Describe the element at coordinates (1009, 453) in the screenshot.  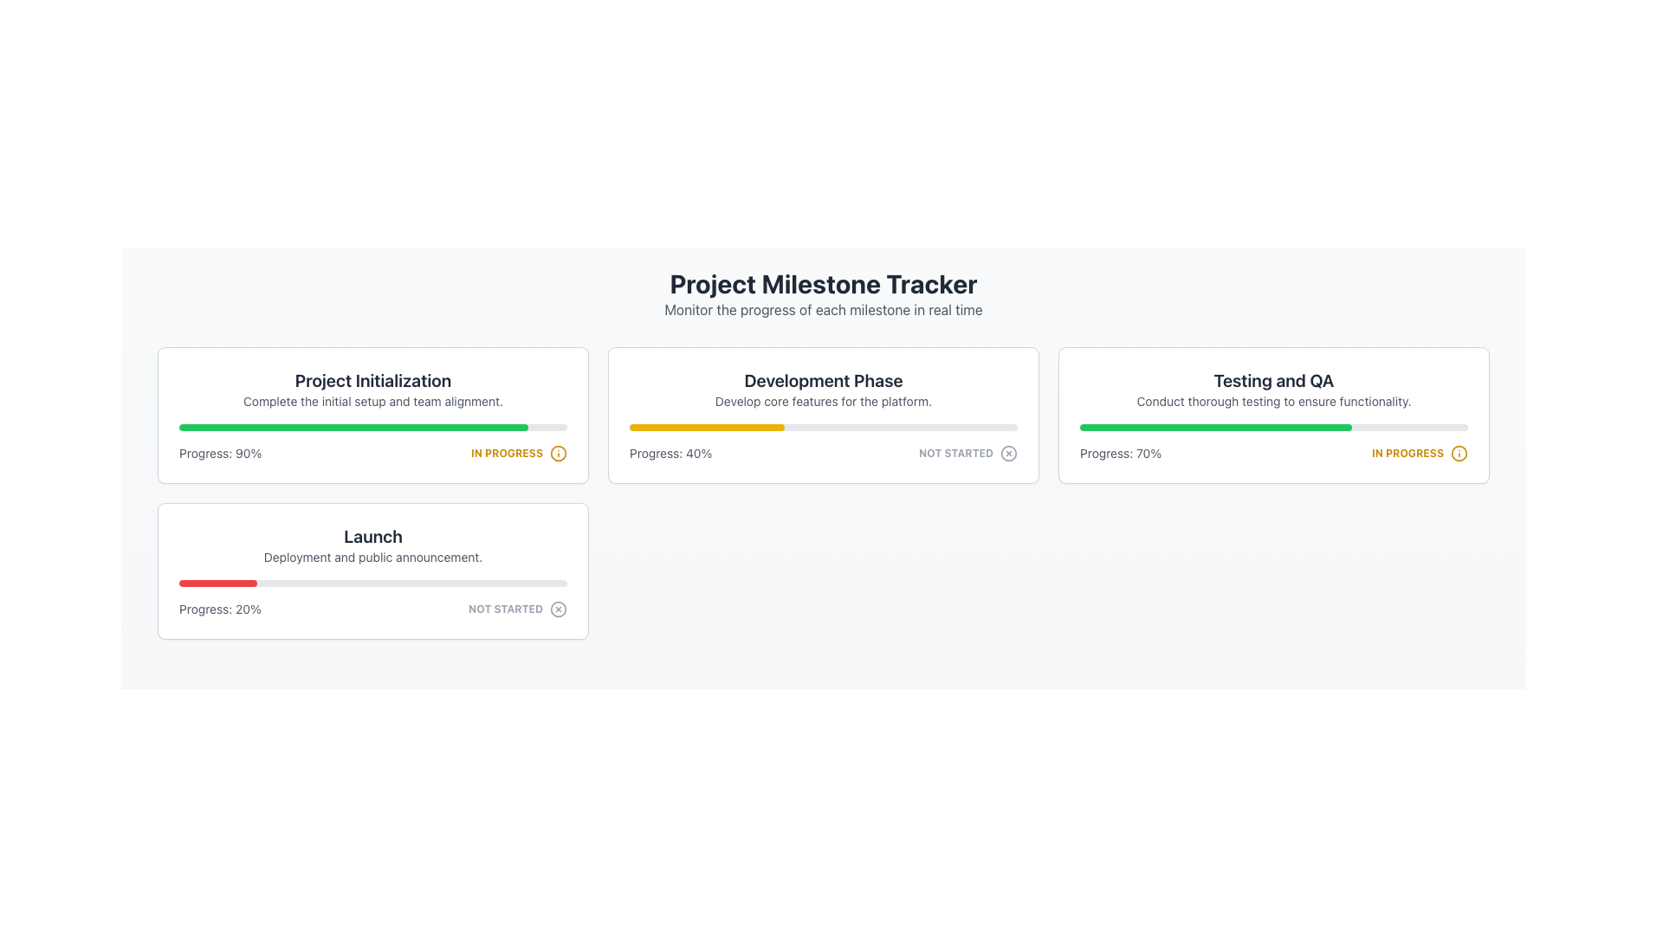
I see `the circular gray Status Icon with a diagonal cross inside, located next to the 'Not Started' text in the 'Development Phase' milestone card` at that location.